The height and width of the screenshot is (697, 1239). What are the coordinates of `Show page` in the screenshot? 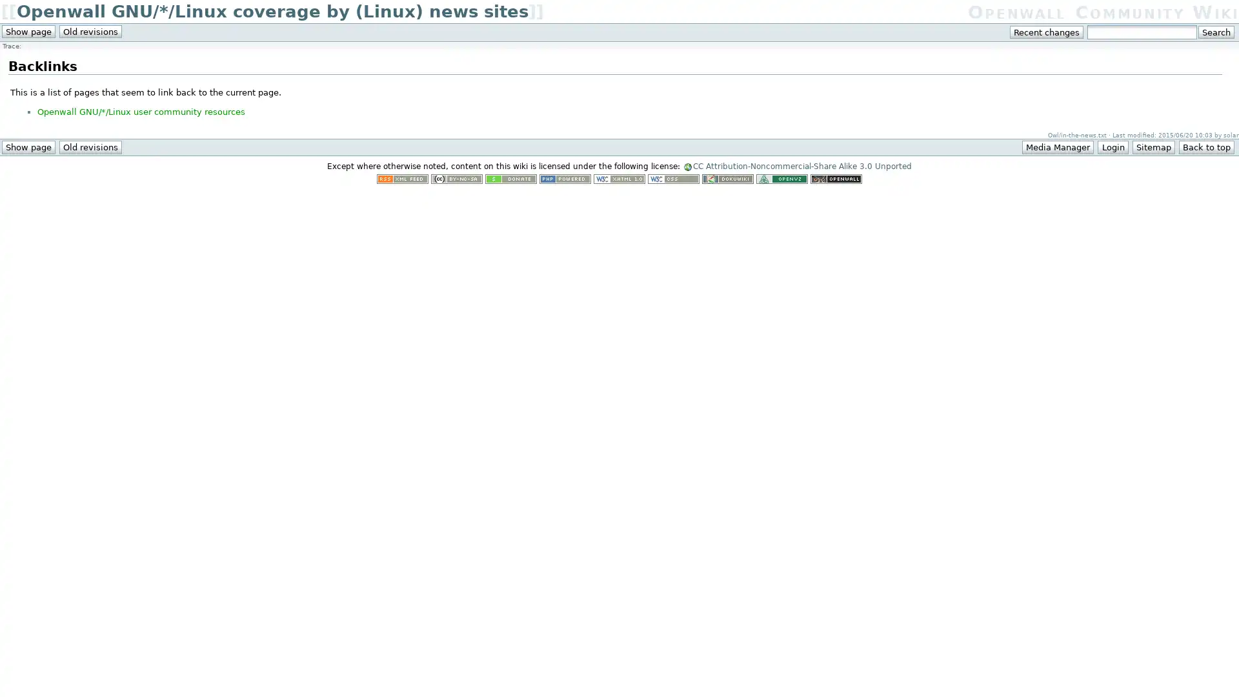 It's located at (28, 146).